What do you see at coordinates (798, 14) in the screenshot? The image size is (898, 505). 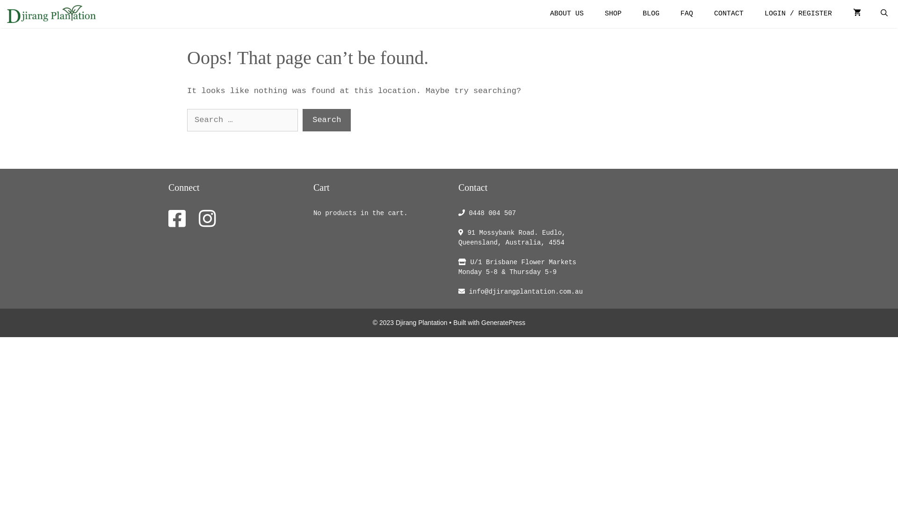 I see `'LOGIN / REGISTER'` at bounding box center [798, 14].